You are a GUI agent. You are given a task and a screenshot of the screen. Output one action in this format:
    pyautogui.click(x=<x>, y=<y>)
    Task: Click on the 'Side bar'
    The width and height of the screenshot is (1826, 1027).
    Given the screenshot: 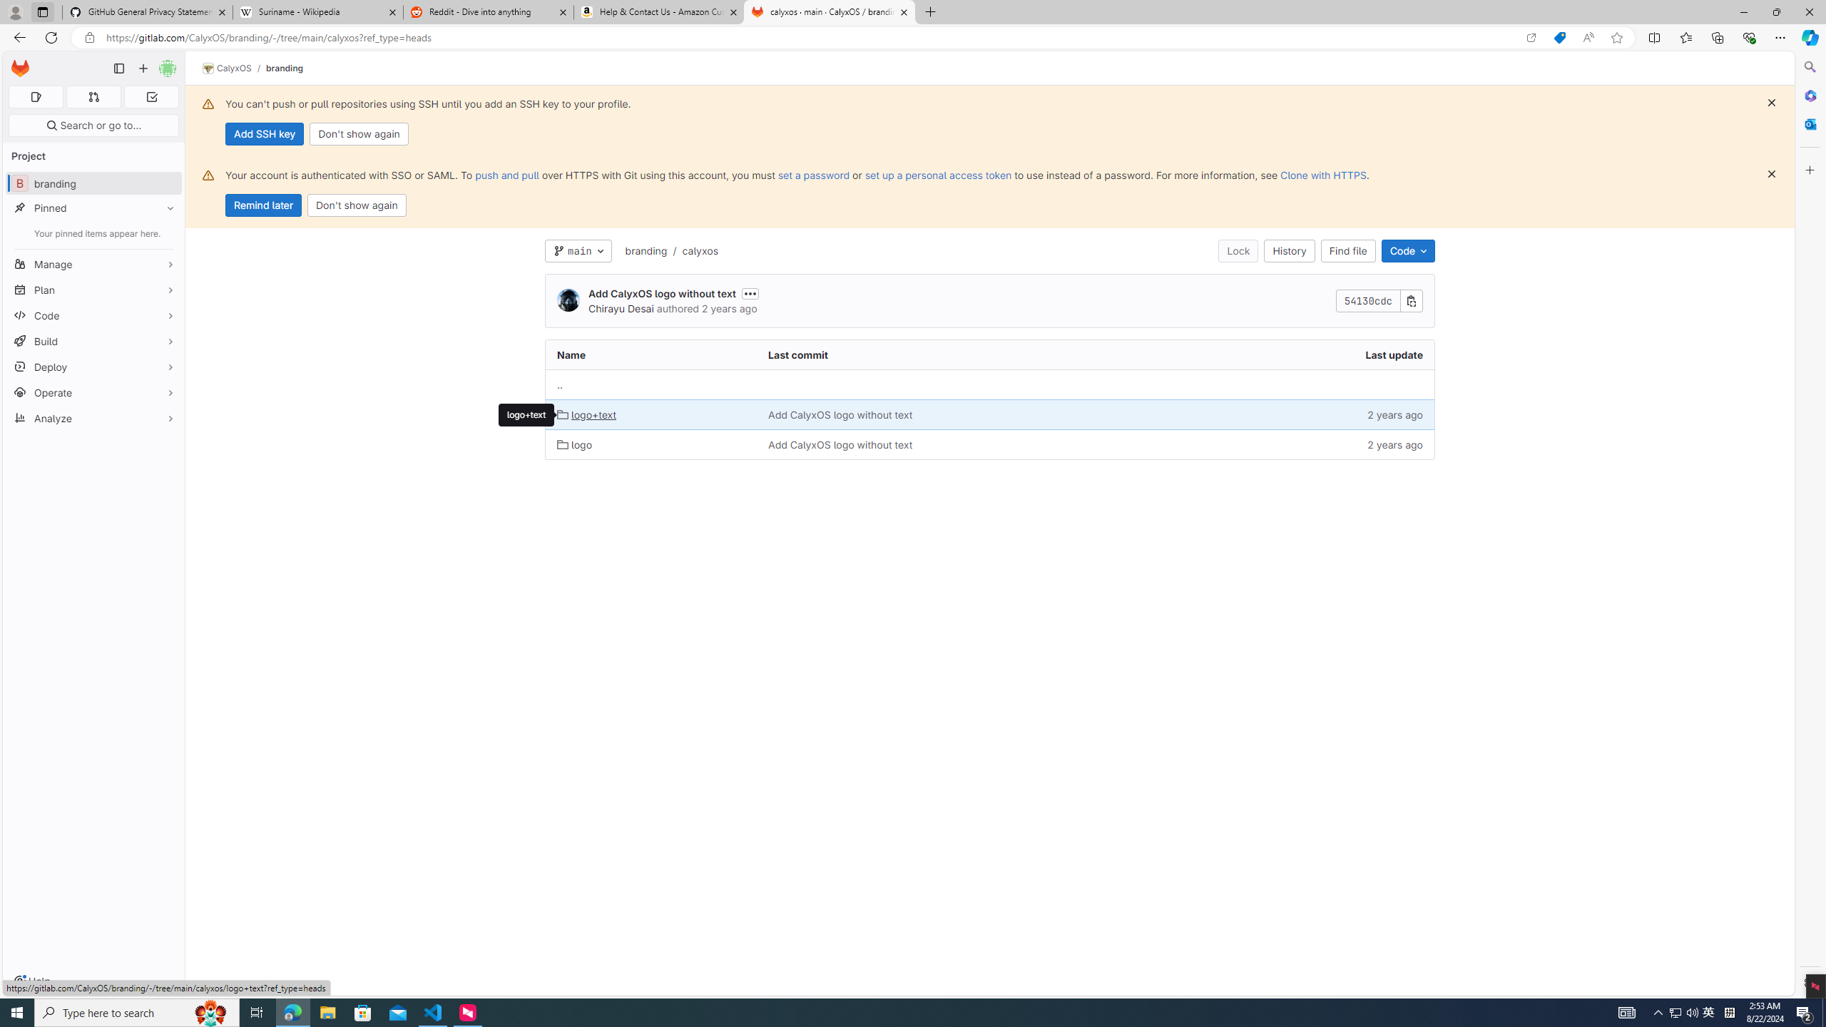 What is the action you would take?
    pyautogui.click(x=1810, y=524)
    